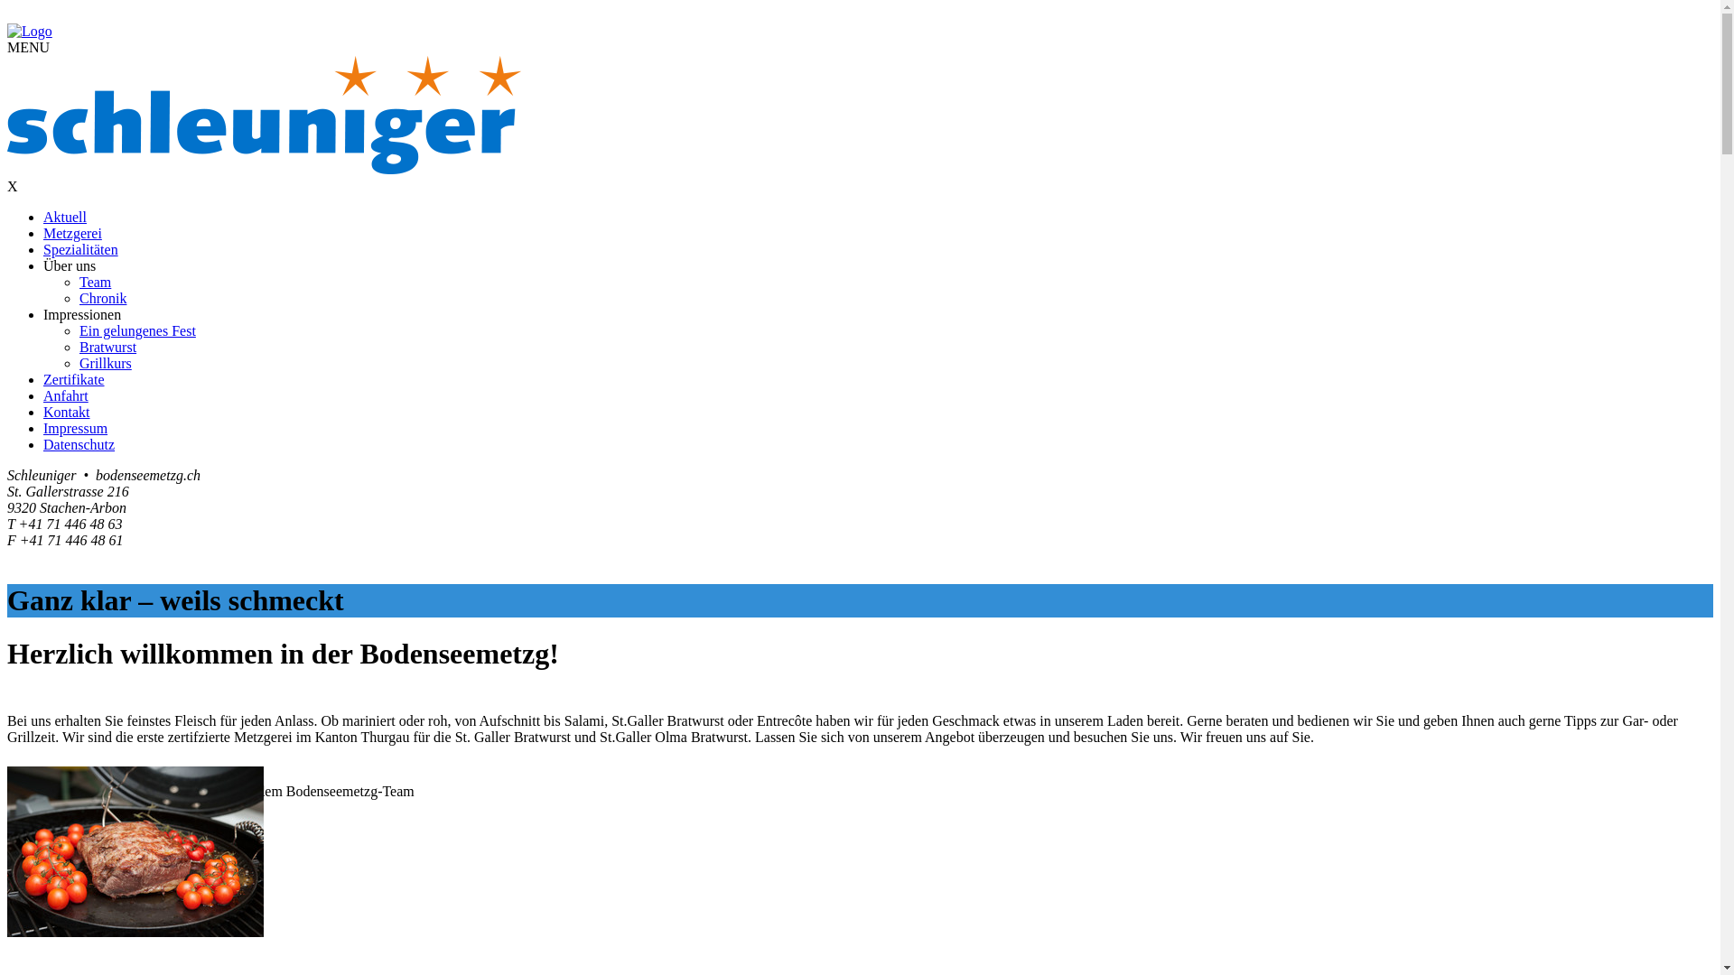  Describe the element at coordinates (65, 395) in the screenshot. I see `'Anfahrt'` at that location.